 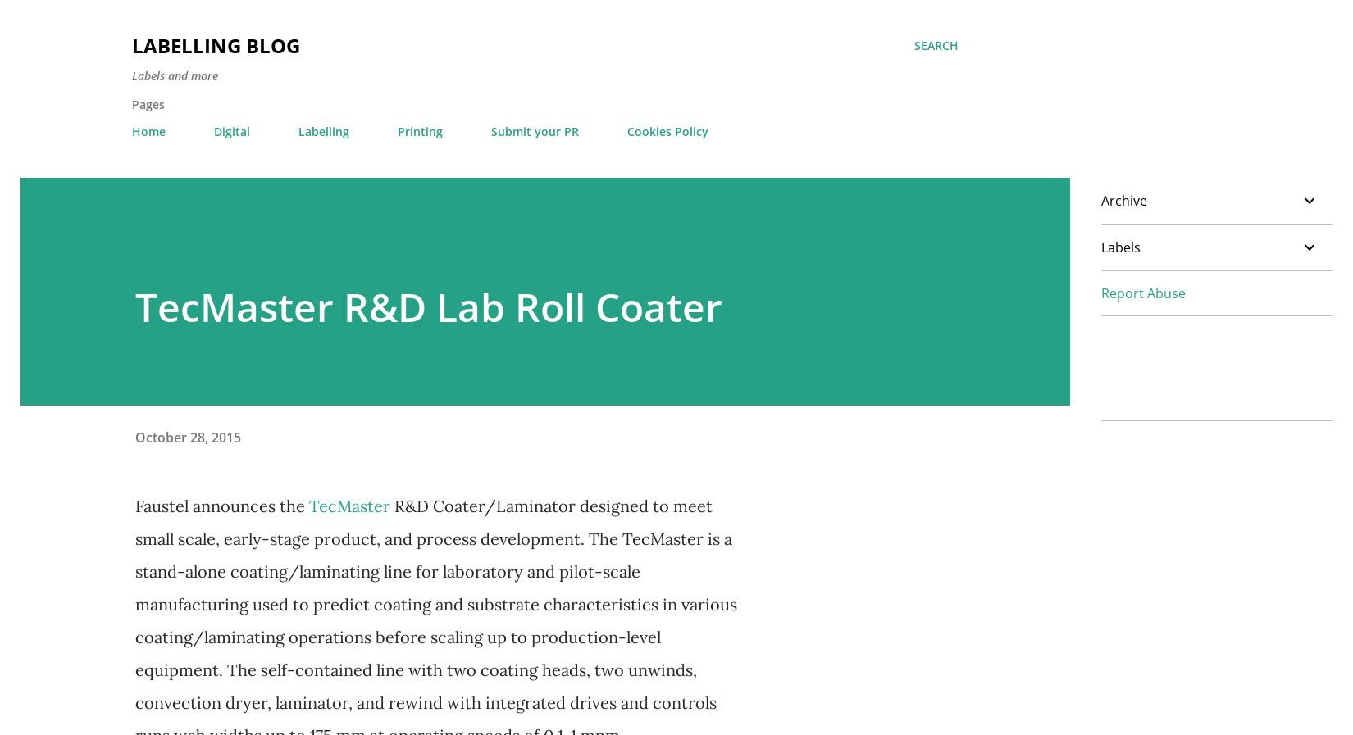 I want to click on 'Labels and more', so click(x=175, y=75).